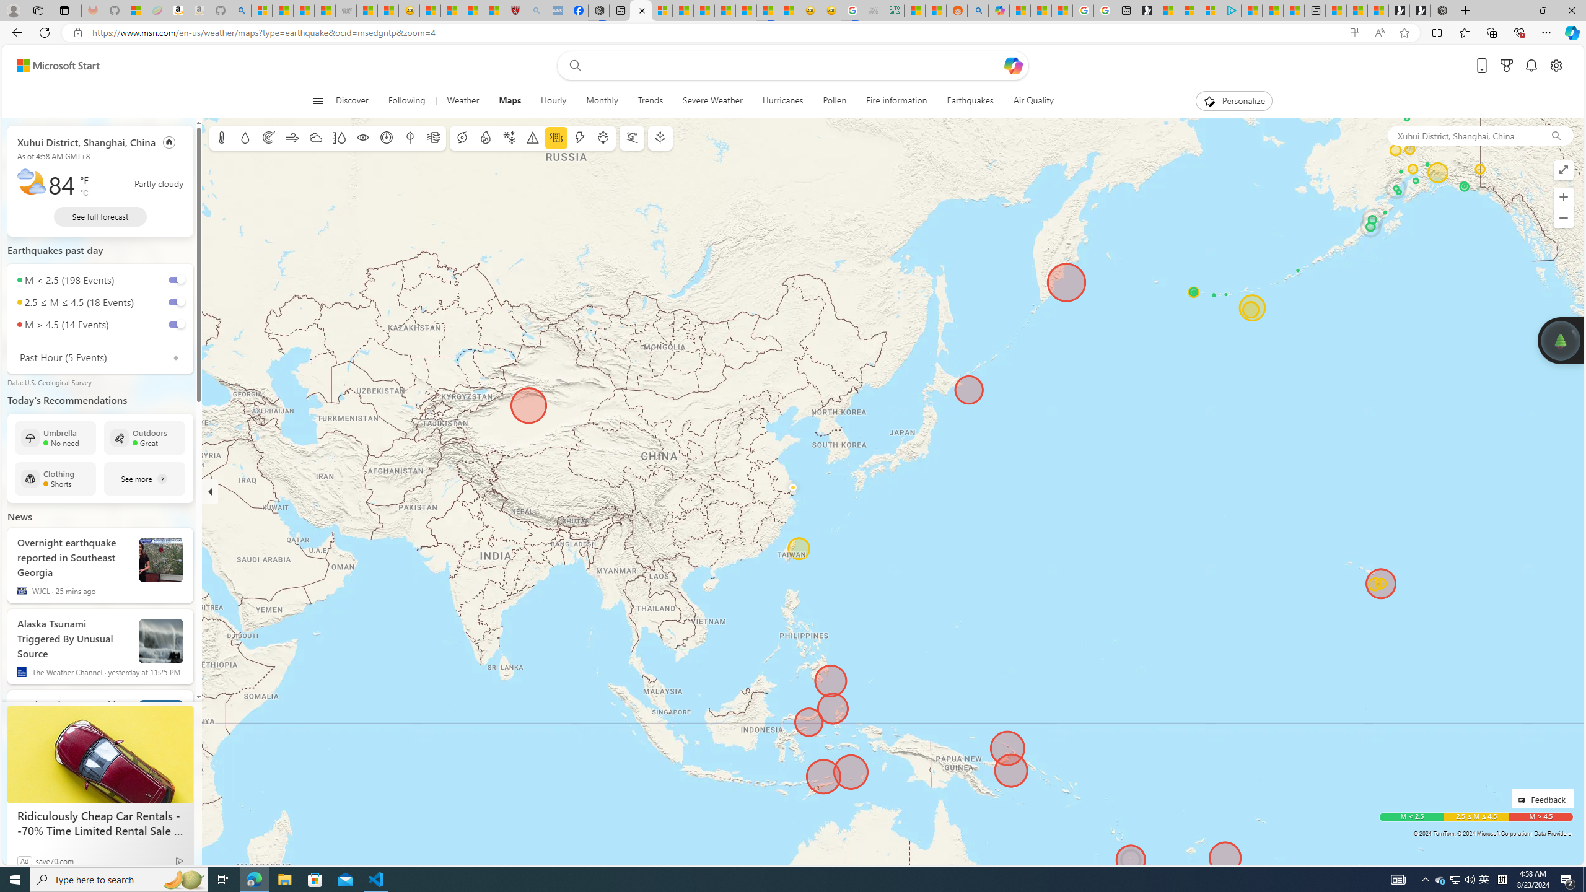  I want to click on 'Zoom in', so click(1563, 196).